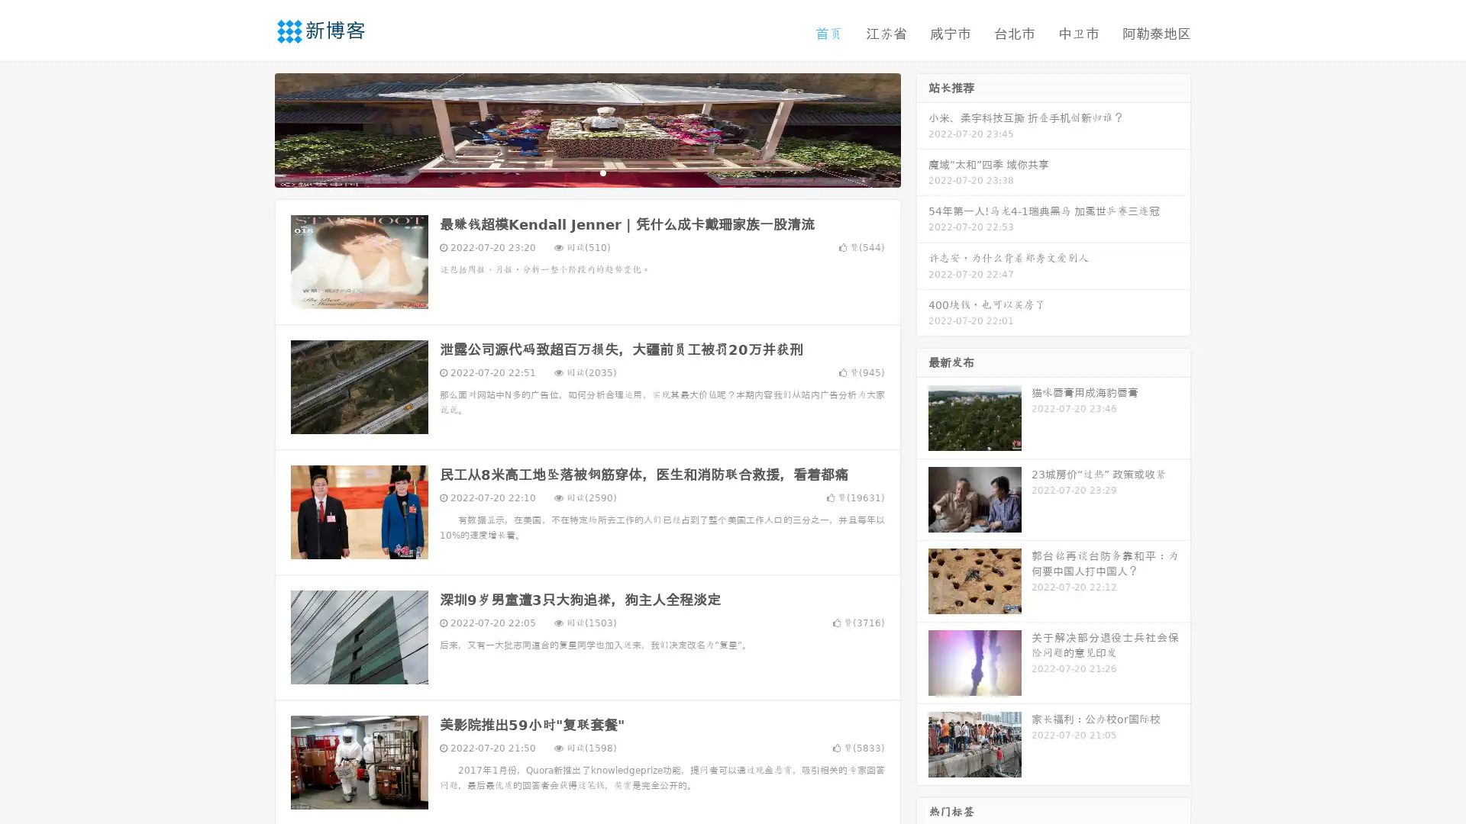 The height and width of the screenshot is (824, 1466). I want to click on Go to slide 2, so click(586, 172).